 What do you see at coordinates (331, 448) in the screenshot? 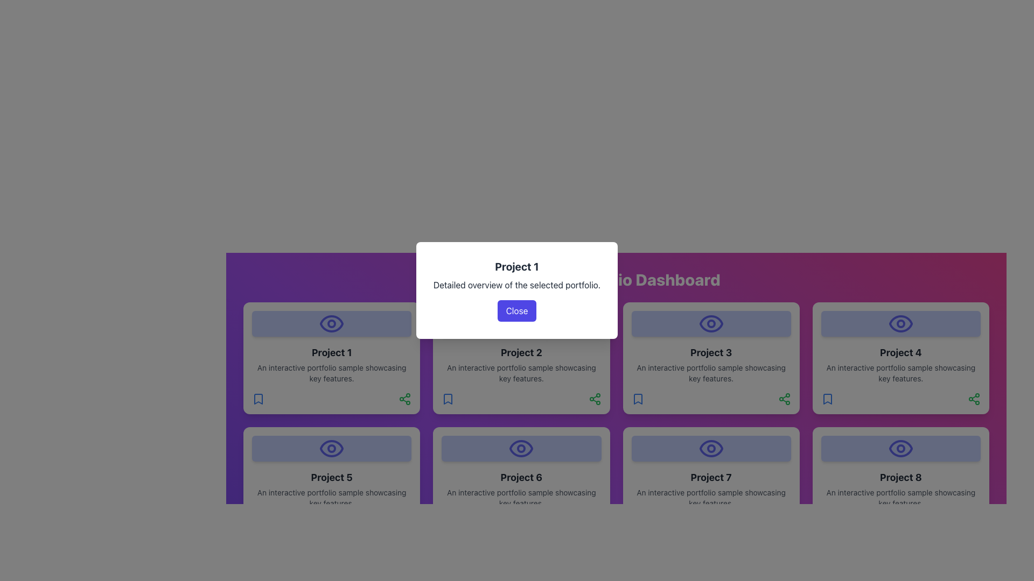
I see `the eye icon positioned at the center of the blue button above the label 'Project 5' in the portfolio grid interface` at bounding box center [331, 448].